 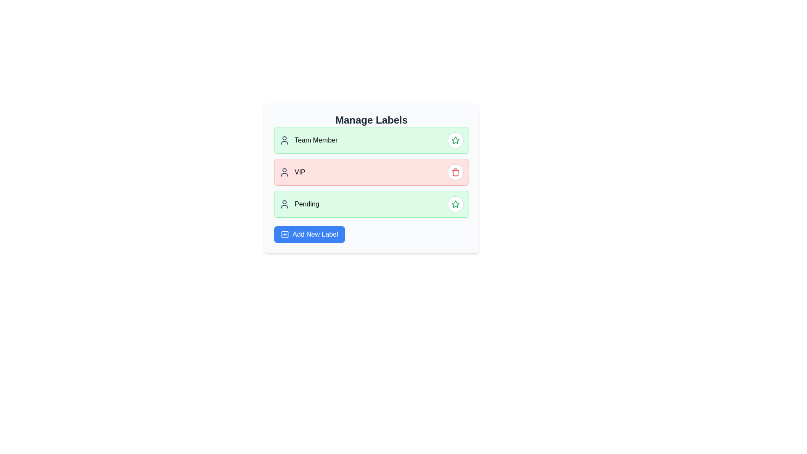 I want to click on the 'Pending' text with the user icon on its left, located in the bottom card of the 'Manage Labels' section, so click(x=299, y=204).